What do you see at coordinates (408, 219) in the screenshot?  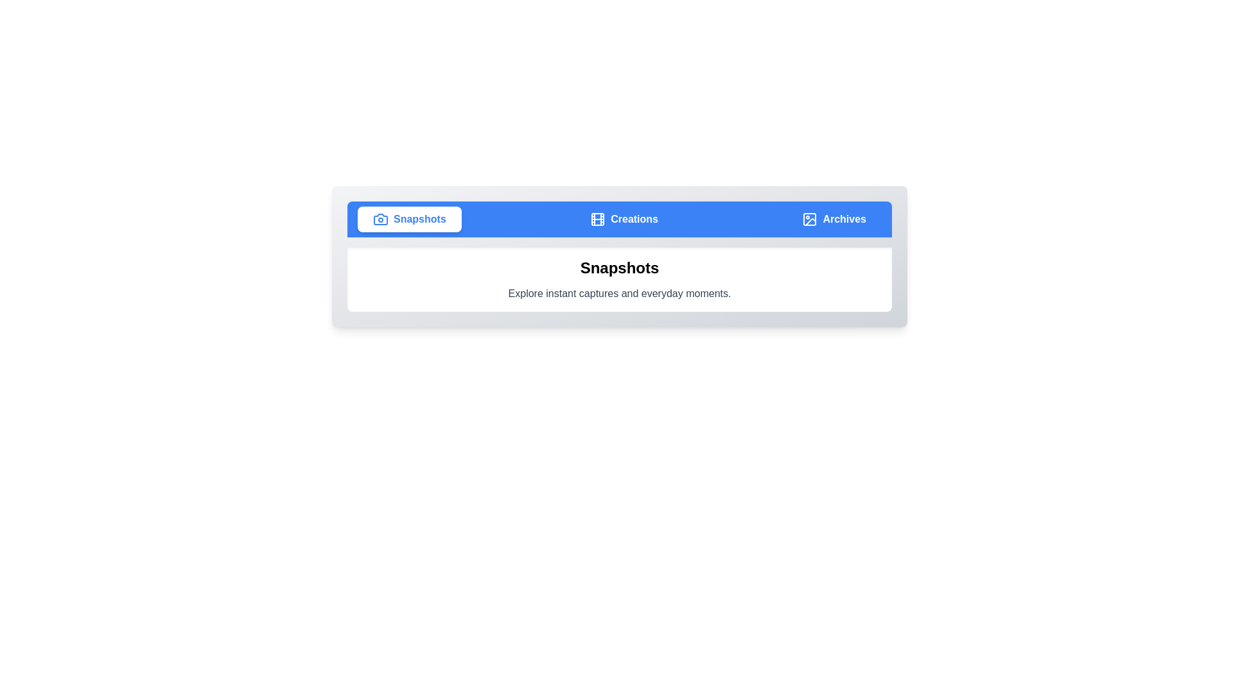 I see `the tab with the label Snapshots` at bounding box center [408, 219].